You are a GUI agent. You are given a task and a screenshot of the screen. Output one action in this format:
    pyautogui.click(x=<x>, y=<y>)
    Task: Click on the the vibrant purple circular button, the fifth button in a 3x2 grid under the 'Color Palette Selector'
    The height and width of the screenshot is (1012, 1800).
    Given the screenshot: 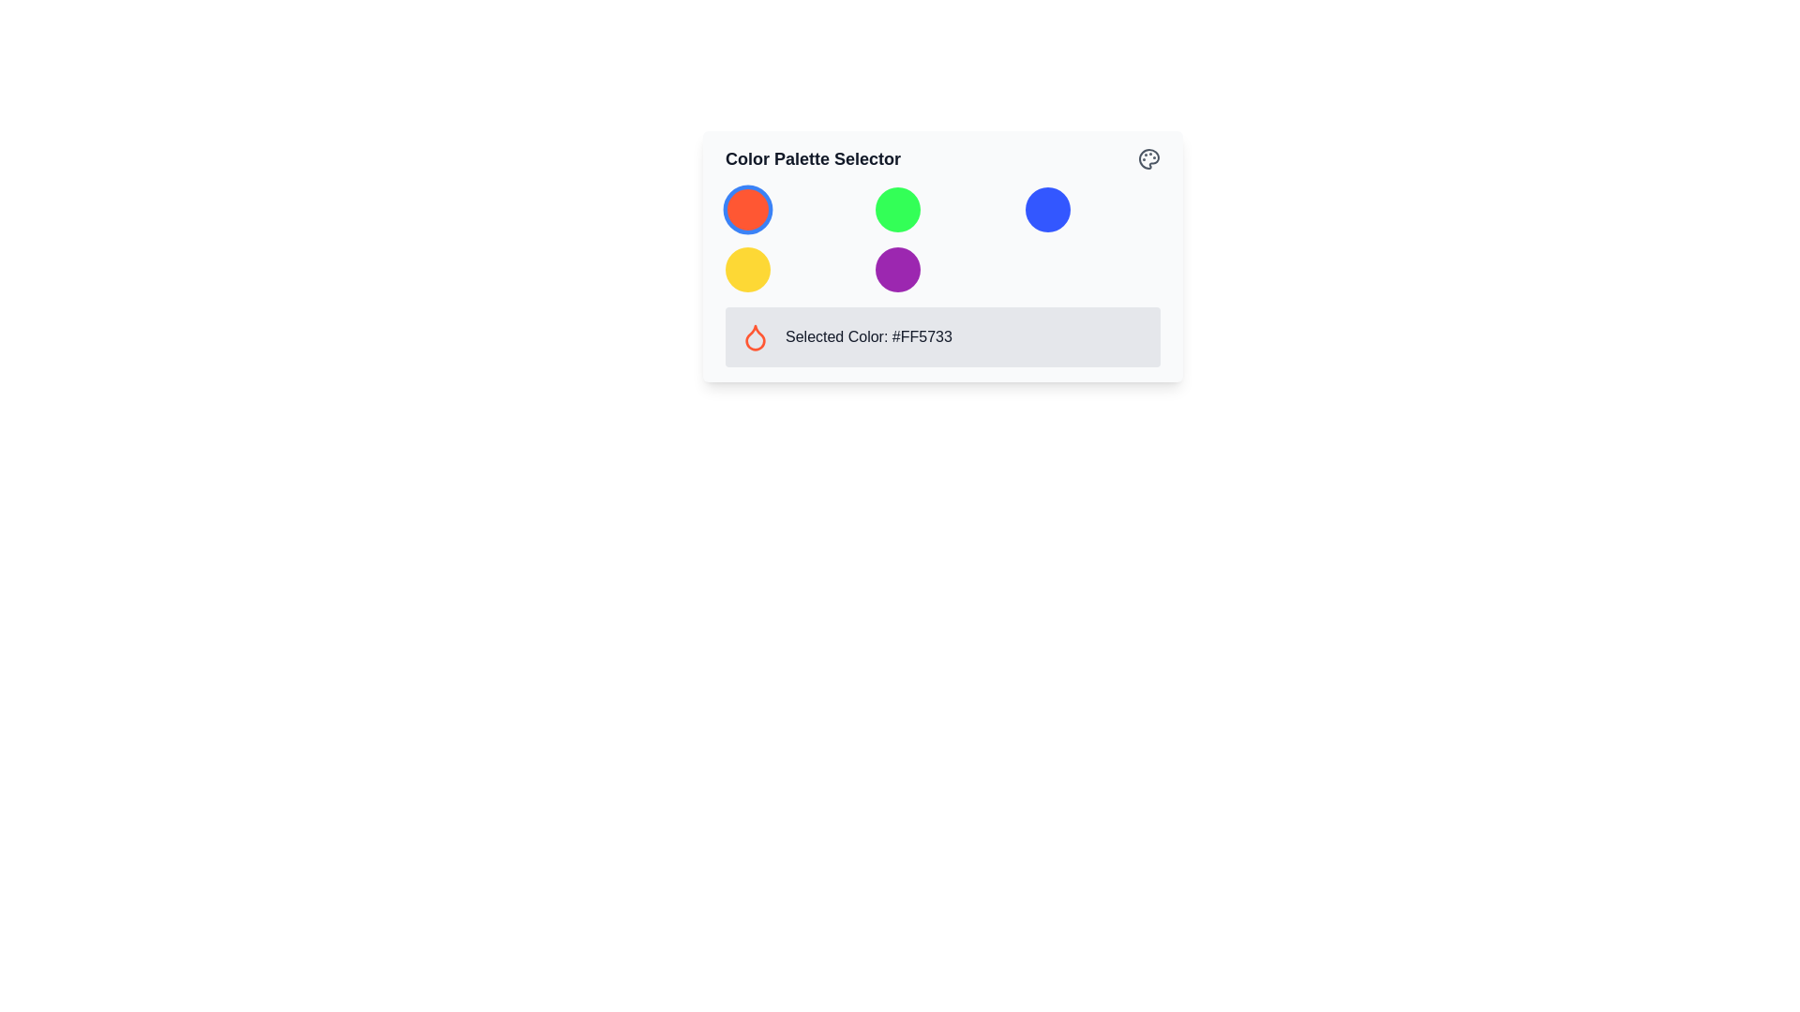 What is the action you would take?
    pyautogui.click(x=897, y=270)
    